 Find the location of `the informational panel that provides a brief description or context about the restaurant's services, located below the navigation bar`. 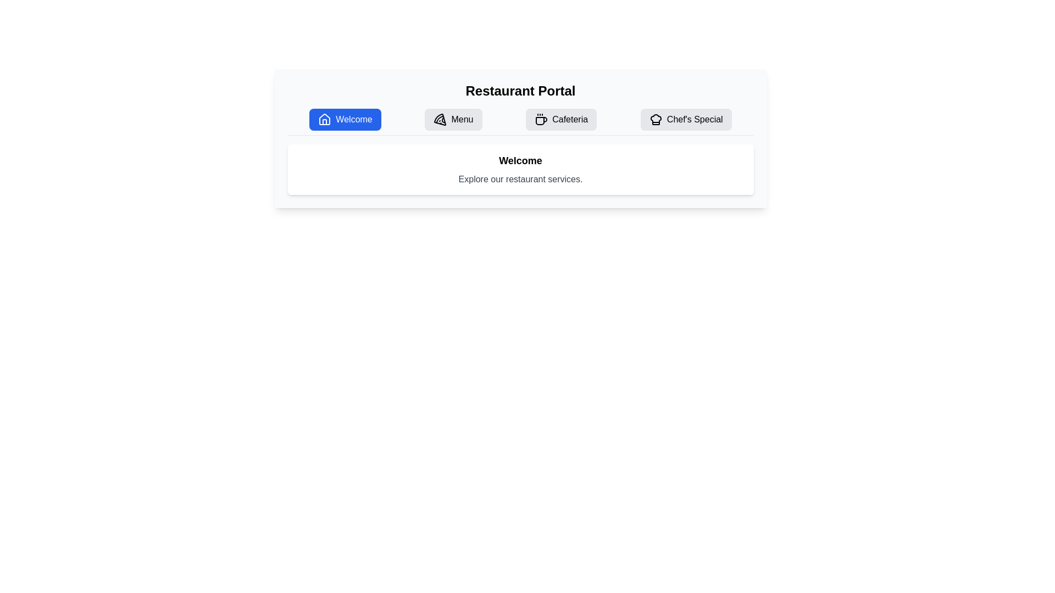

the informational panel that provides a brief description or context about the restaurant's services, located below the navigation bar is located at coordinates (520, 169).